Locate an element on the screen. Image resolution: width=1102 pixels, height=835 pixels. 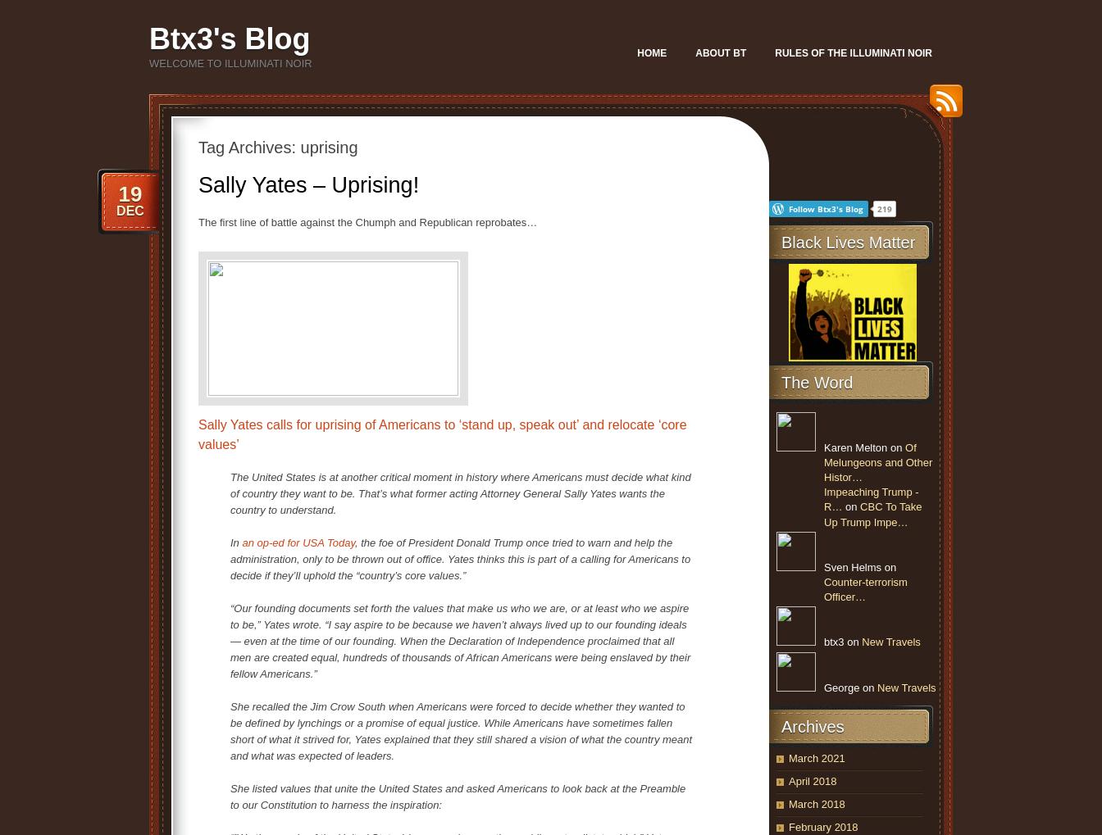
'The United States is at another critical moment in history where Americans must decide what kind of country they want to be. That’s what former acting Attorney General Sally Yates wants the country to understand.' is located at coordinates (460, 492).